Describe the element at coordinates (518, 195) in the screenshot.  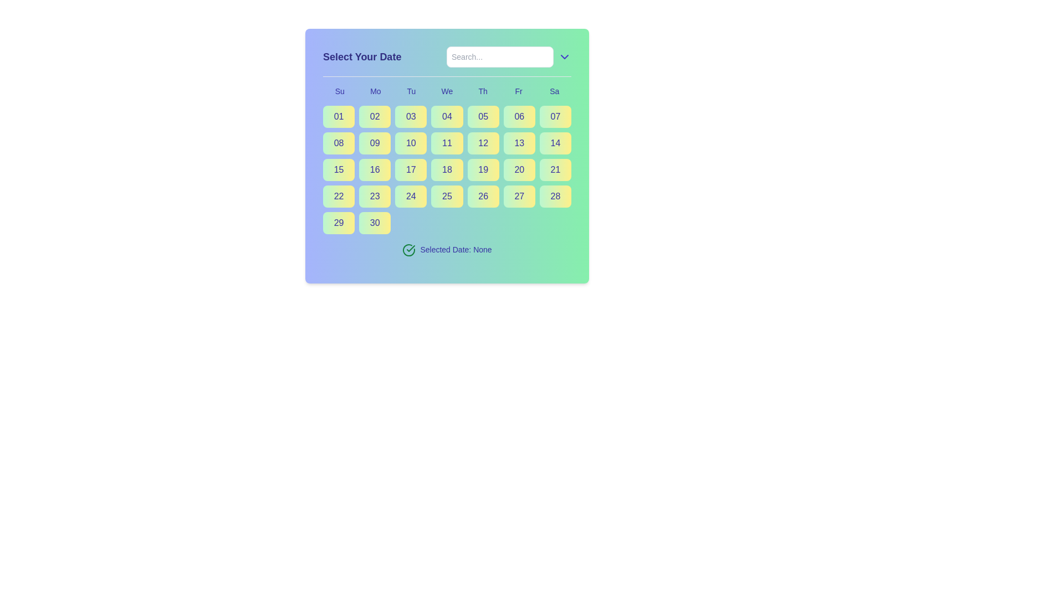
I see `the rounded rectangular button displaying the number '27' in bold blue font` at that location.